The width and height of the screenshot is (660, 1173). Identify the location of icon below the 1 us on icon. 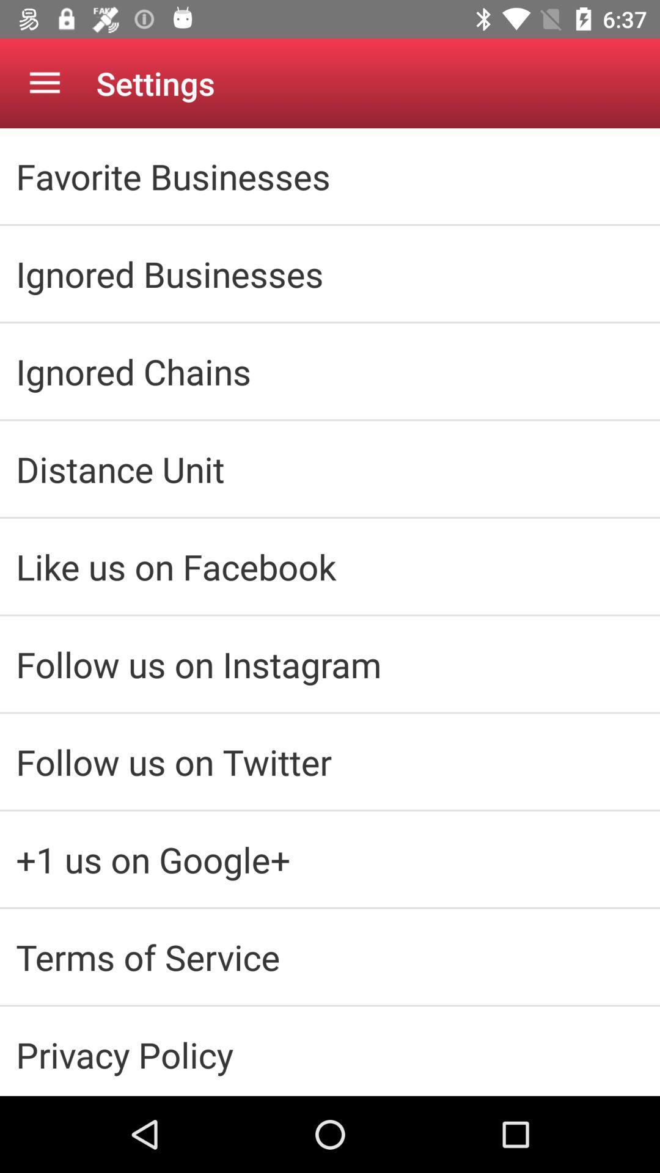
(330, 956).